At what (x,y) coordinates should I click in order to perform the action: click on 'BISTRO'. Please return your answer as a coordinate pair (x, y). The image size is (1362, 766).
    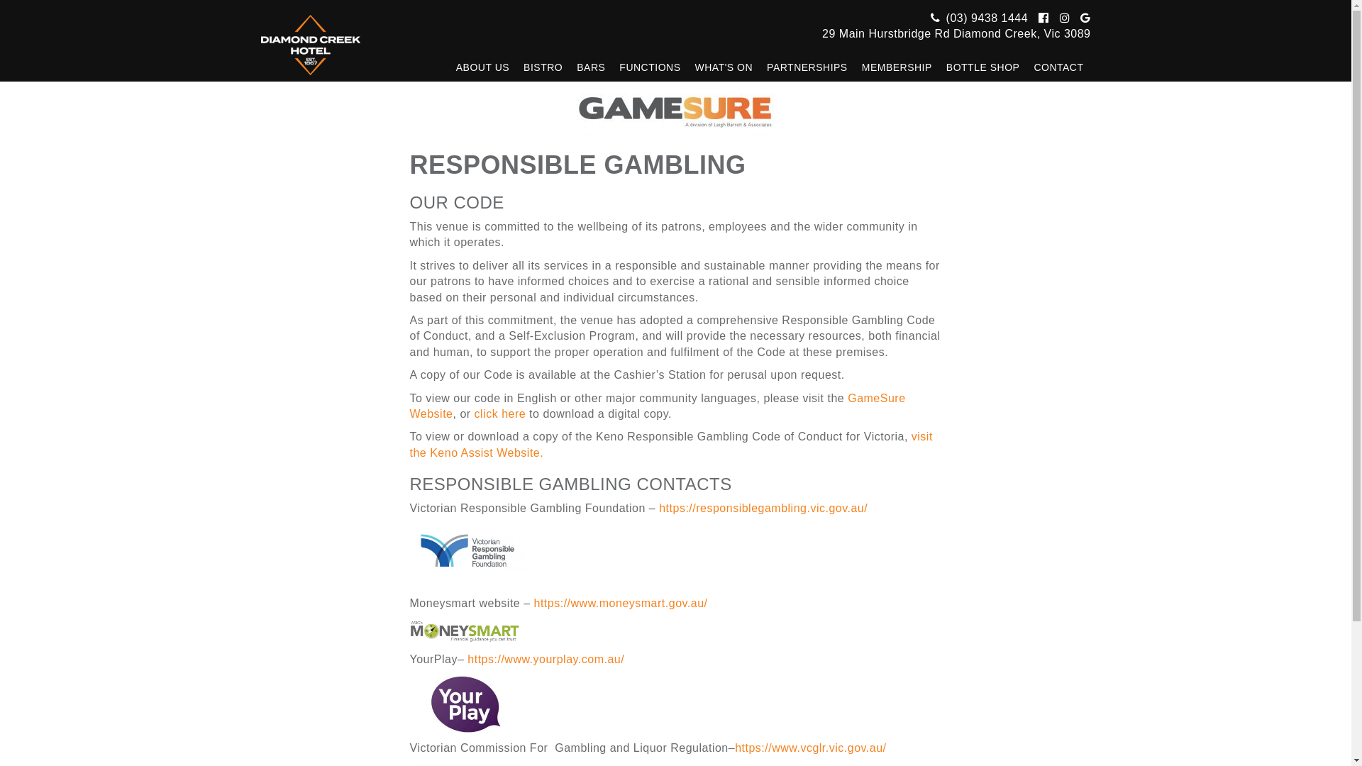
    Looking at the image, I should click on (542, 67).